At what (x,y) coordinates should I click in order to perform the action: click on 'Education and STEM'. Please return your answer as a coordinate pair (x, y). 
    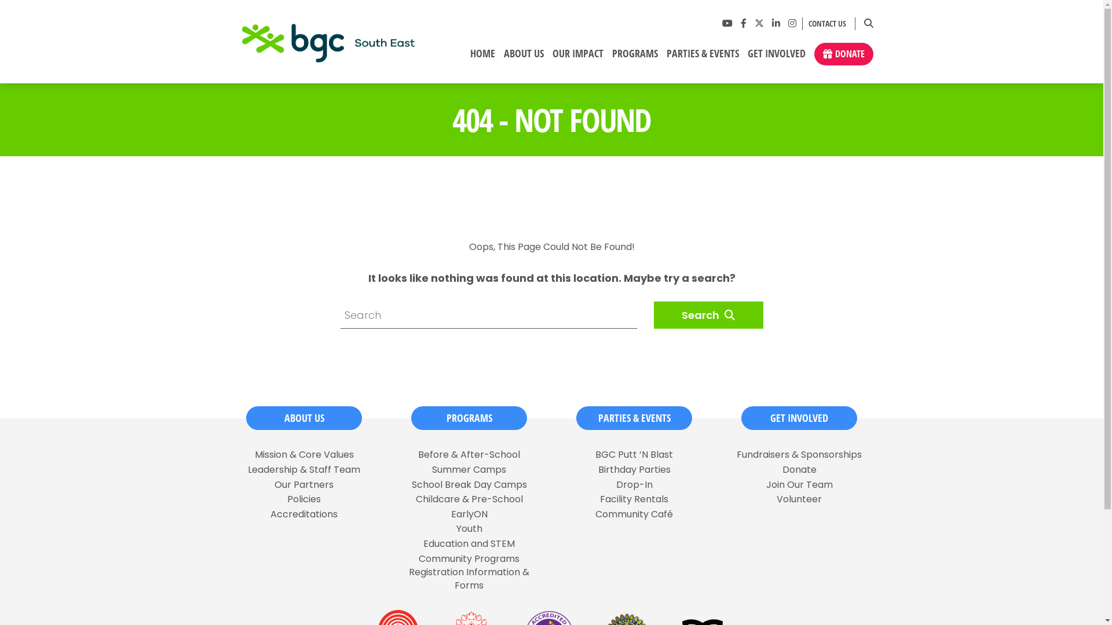
    Looking at the image, I should click on (422, 544).